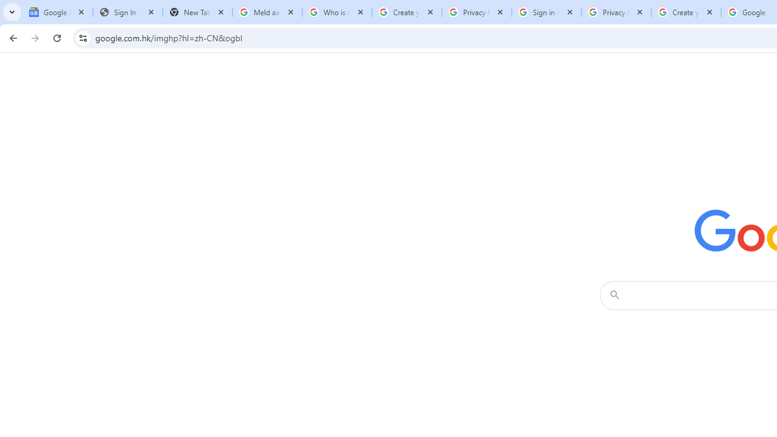 The width and height of the screenshot is (777, 437). Describe the element at coordinates (686, 12) in the screenshot. I see `'Create your Google Account'` at that location.